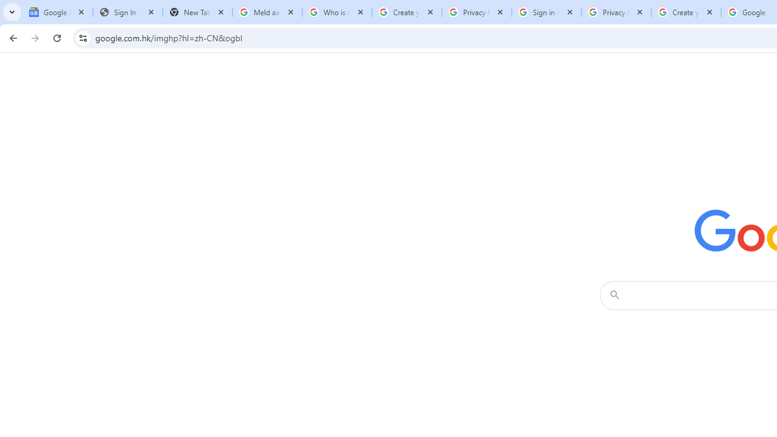 The width and height of the screenshot is (777, 437). Describe the element at coordinates (686, 12) in the screenshot. I see `'Create your Google Account'` at that location.